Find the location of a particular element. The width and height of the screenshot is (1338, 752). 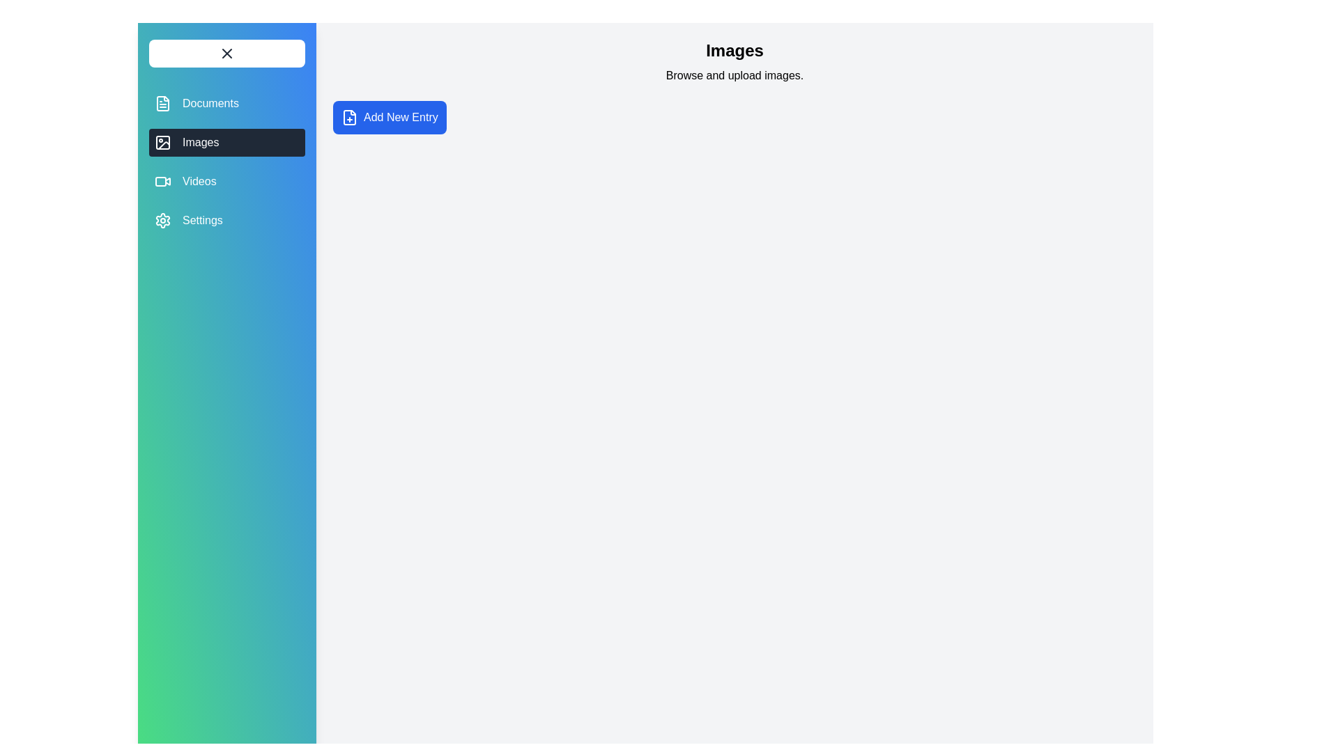

the 'Add New Entry' button is located at coordinates (389, 117).